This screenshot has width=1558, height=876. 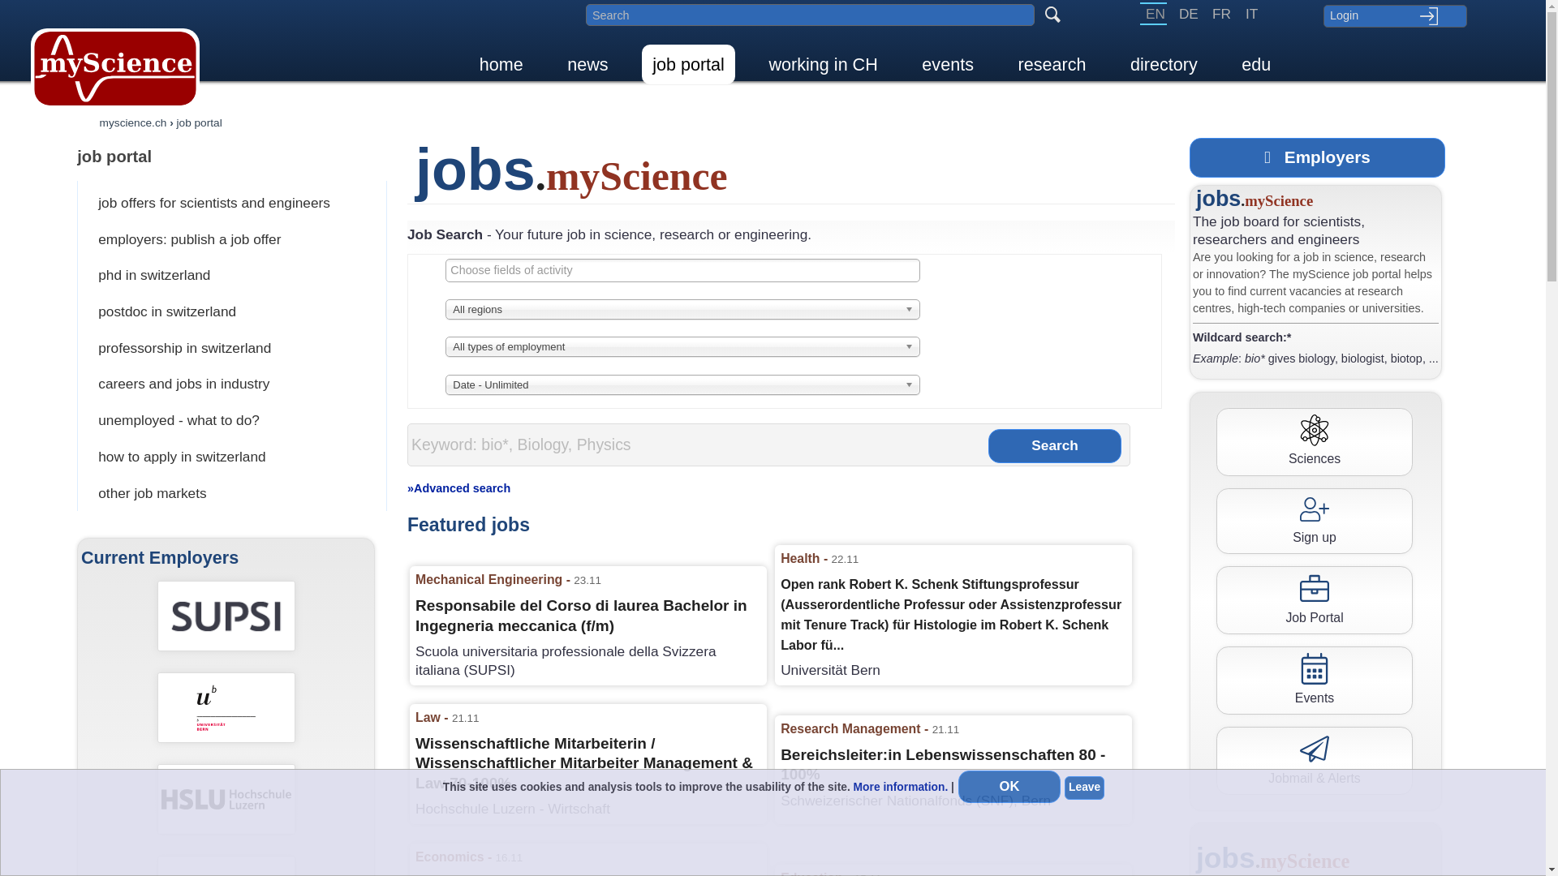 What do you see at coordinates (1084, 785) in the screenshot?
I see `'Leave'` at bounding box center [1084, 785].